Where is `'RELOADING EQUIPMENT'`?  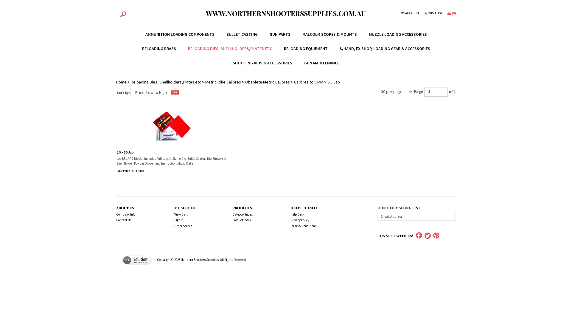
'RELOADING EQUIPMENT' is located at coordinates (305, 48).